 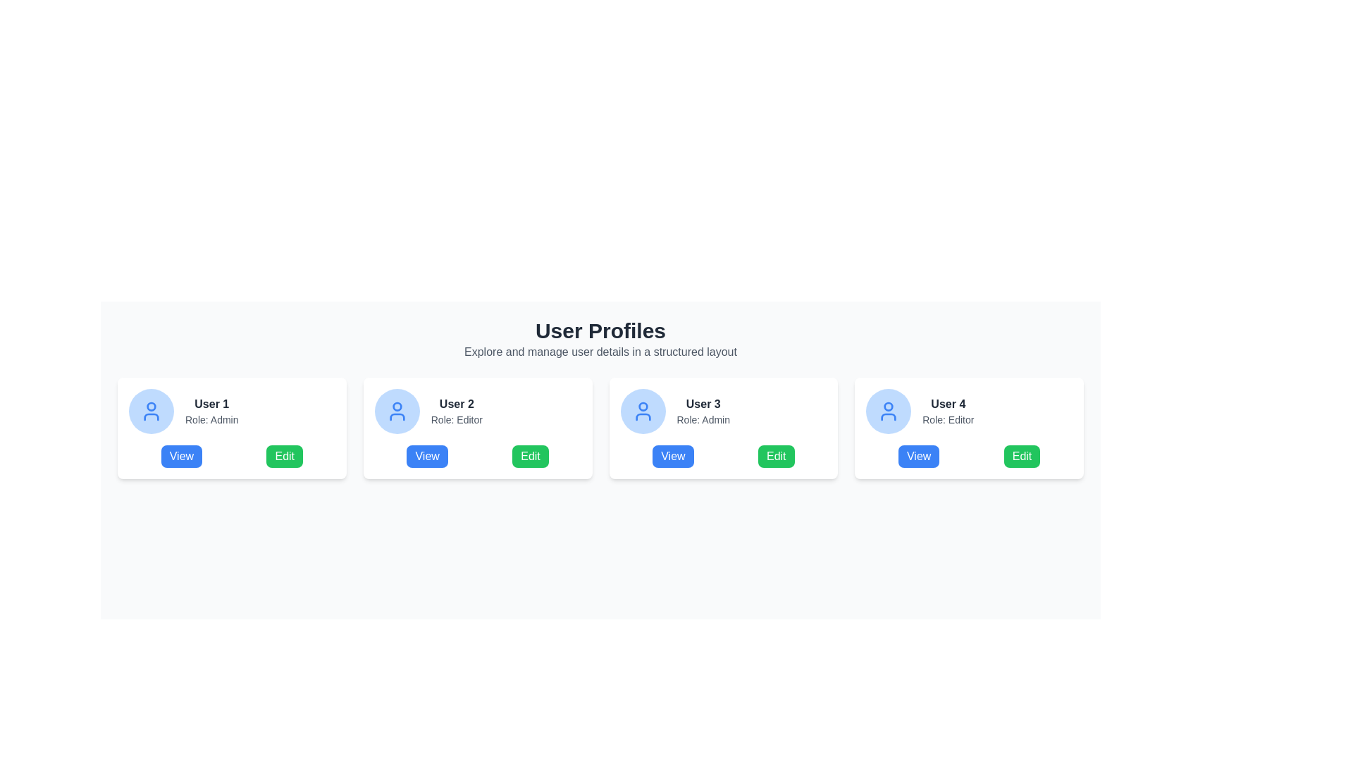 I want to click on curved line icon representing the outline of shoulders and torso in the user profile icon located in the fourth card from the left in the bottom row of the user profiles grid using developer tools, so click(x=888, y=416).